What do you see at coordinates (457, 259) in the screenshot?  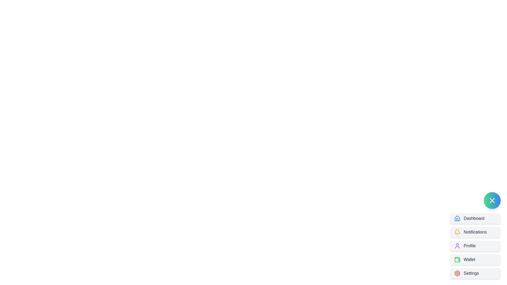 I see `the decorative wallet icon located within the 'Wallet' menu option, which is the fourth item in the vertical menu listing` at bounding box center [457, 259].